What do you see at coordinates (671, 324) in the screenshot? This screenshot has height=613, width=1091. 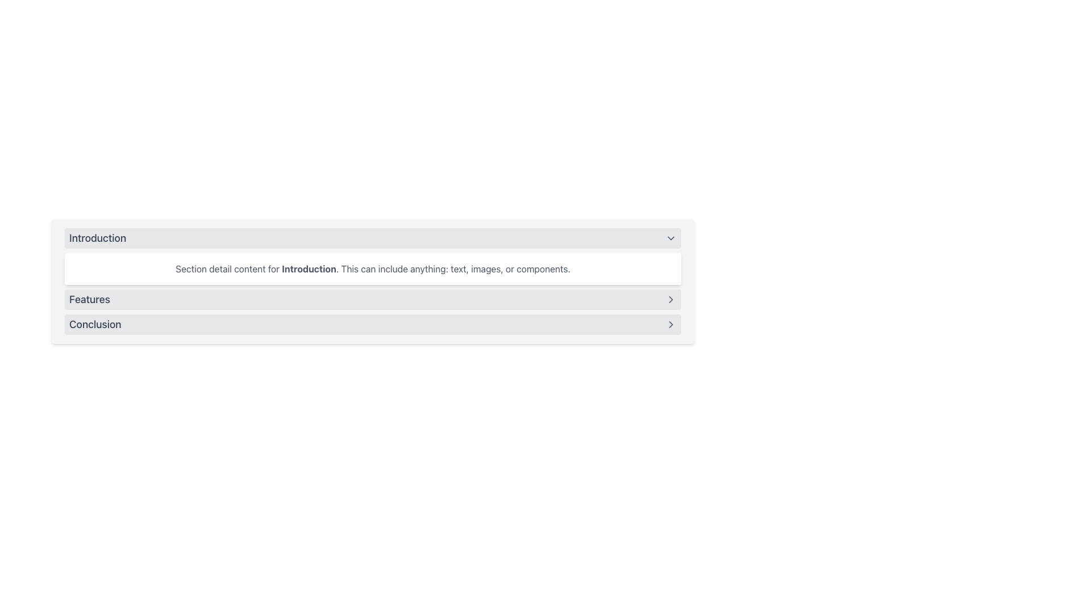 I see `the rightward arrow icon located at the right-hand side of the 'Features' section` at bounding box center [671, 324].